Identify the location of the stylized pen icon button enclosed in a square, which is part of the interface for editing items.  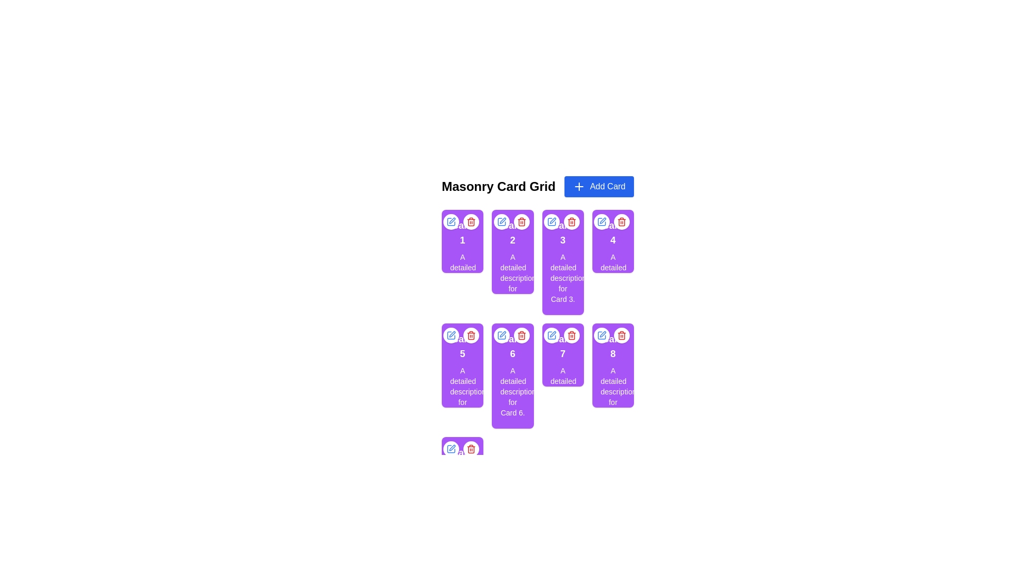
(601, 335).